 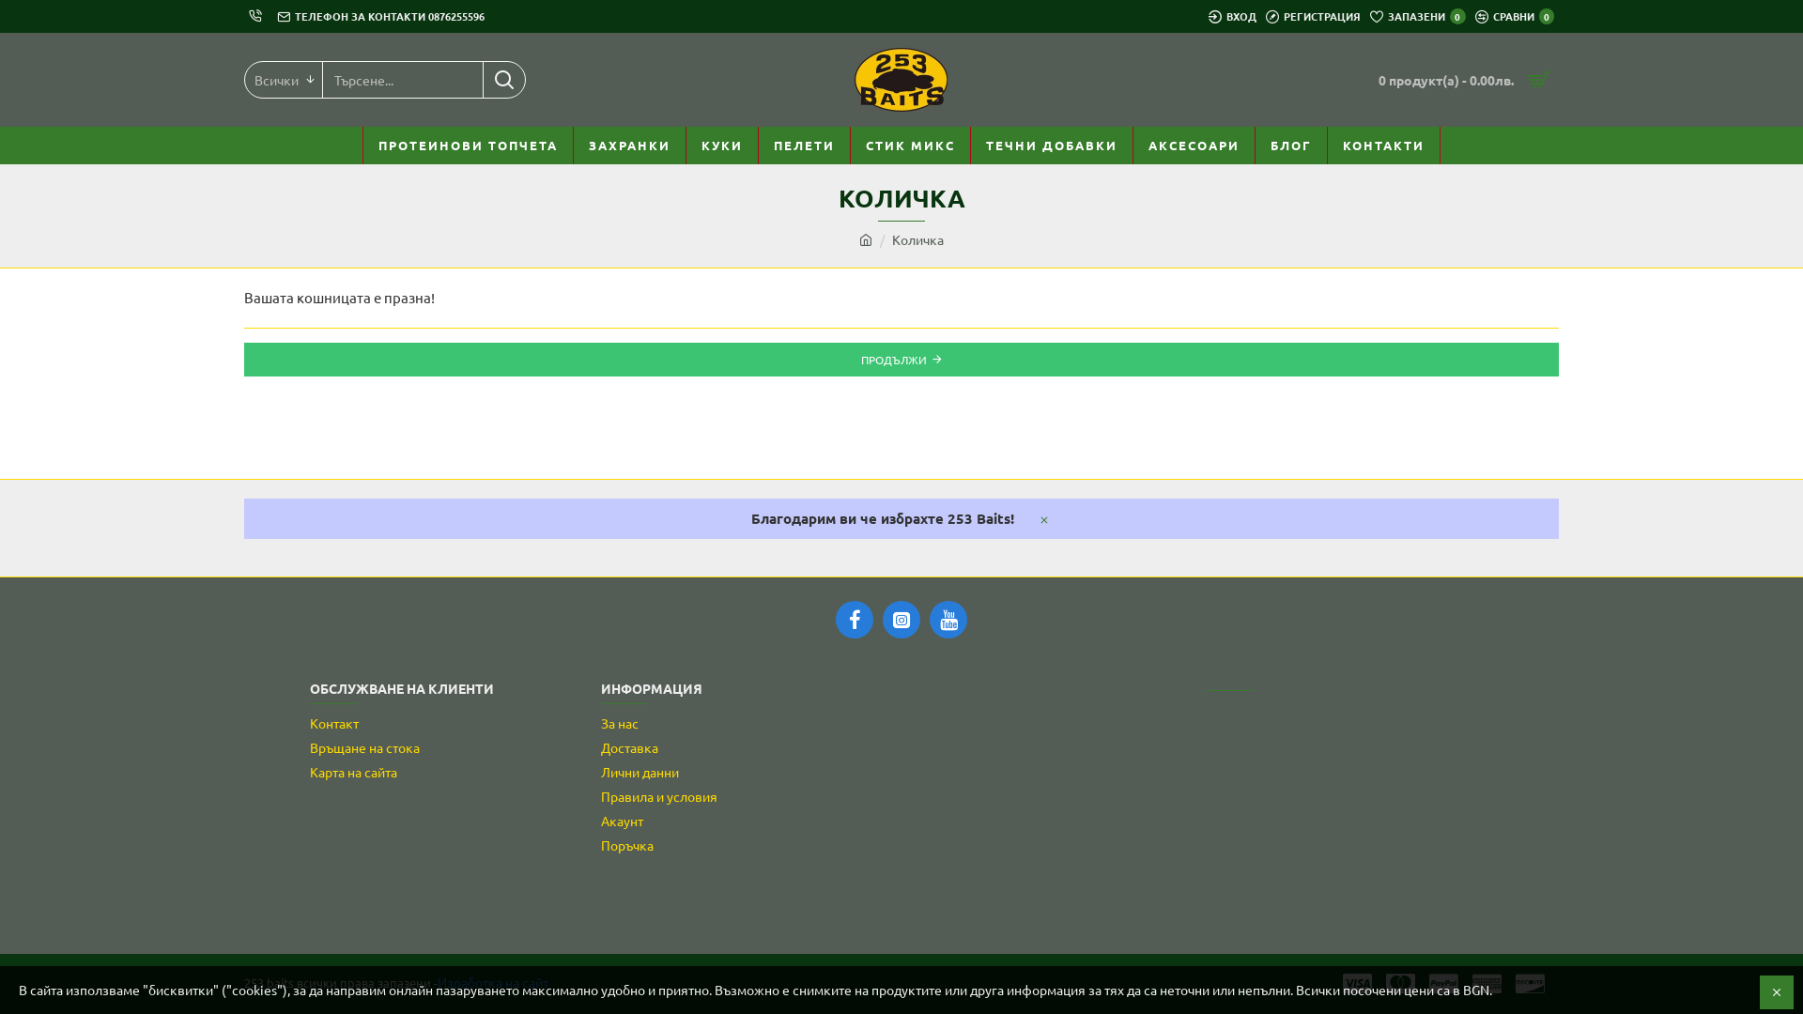 What do you see at coordinates (901, 78) in the screenshot?
I see `'253 Baits'` at bounding box center [901, 78].